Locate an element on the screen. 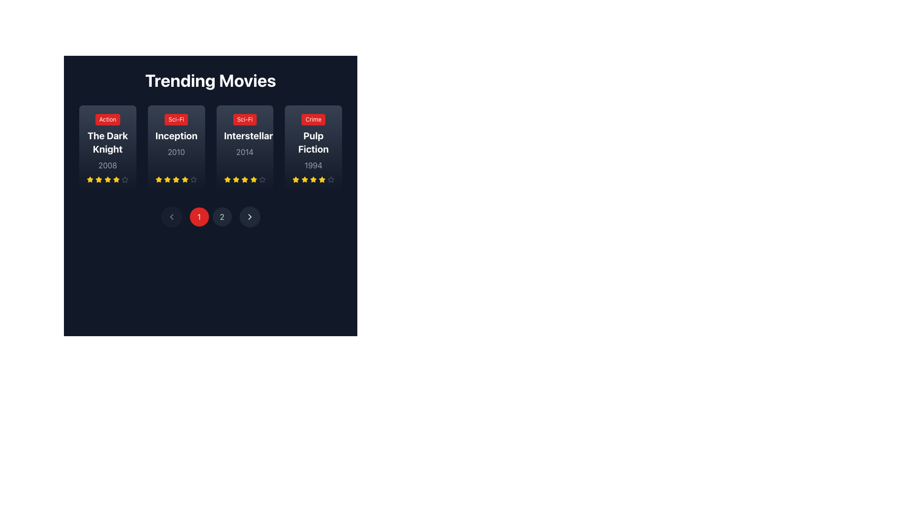 This screenshot has height=515, width=916. the Information card displaying details about the movie 'The Dark Knight', which is the first card in the 'Trending Movies' grid is located at coordinates (107, 142).